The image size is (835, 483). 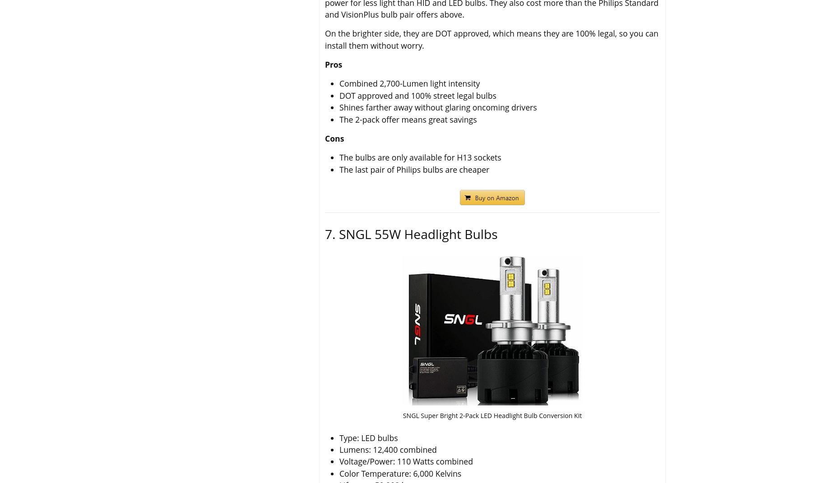 I want to click on 'The 2-pack offer means great savings', so click(x=408, y=119).